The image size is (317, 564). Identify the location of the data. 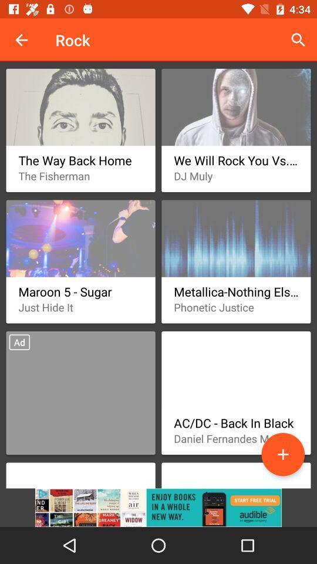
(282, 454).